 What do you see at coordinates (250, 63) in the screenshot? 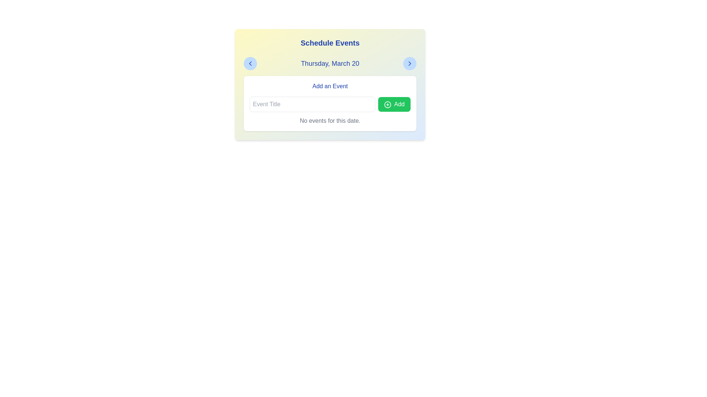
I see `the chevron icon within a circle located on the left side of the title bar` at bounding box center [250, 63].